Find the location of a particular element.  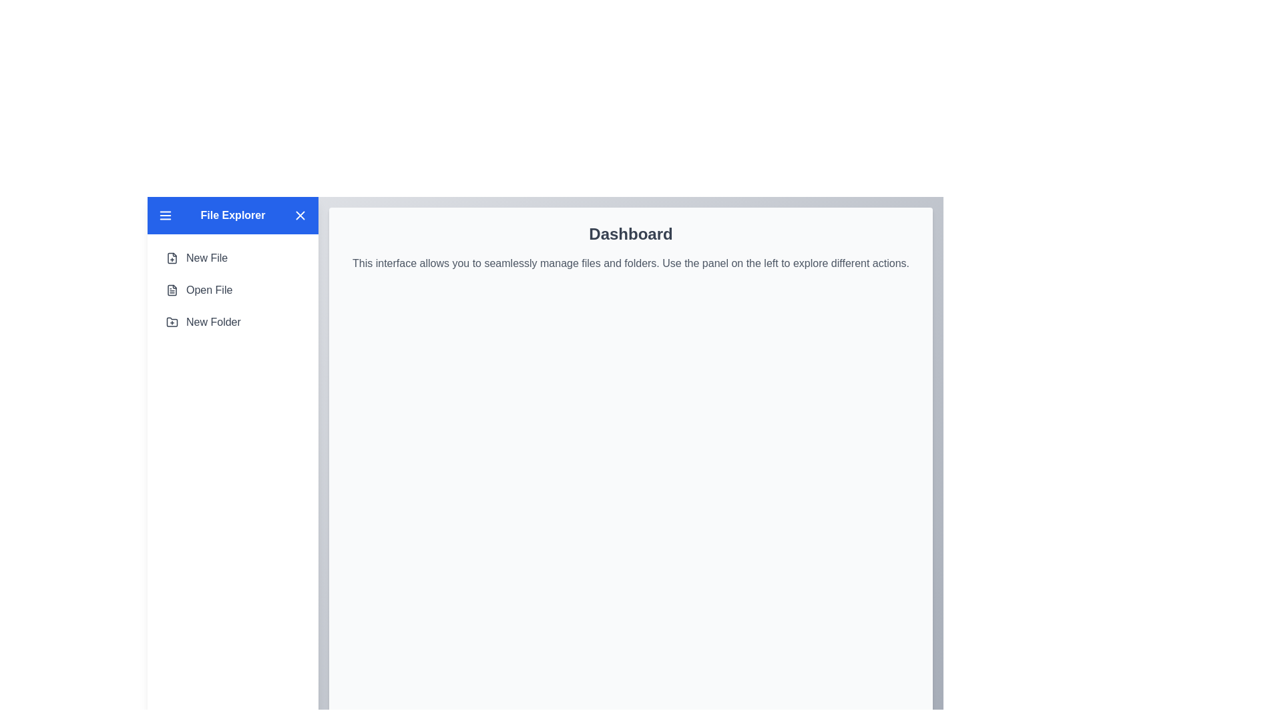

the file icon graphic within the 'New File' menu item located at the top of the vertical list in the left sidebar menu is located at coordinates (172, 258).